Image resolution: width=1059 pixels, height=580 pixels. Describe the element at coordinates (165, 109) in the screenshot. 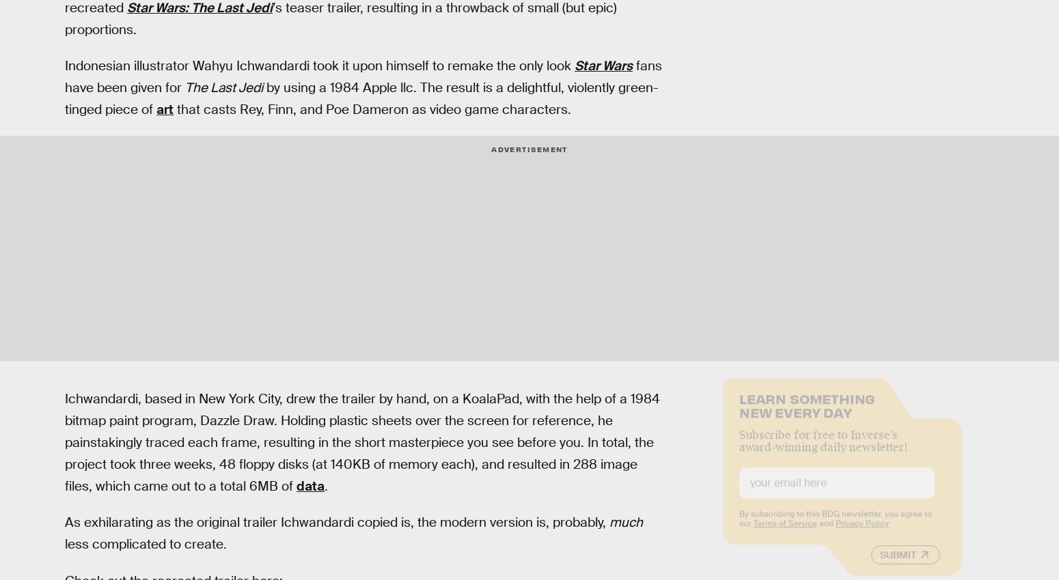

I see `'art'` at that location.